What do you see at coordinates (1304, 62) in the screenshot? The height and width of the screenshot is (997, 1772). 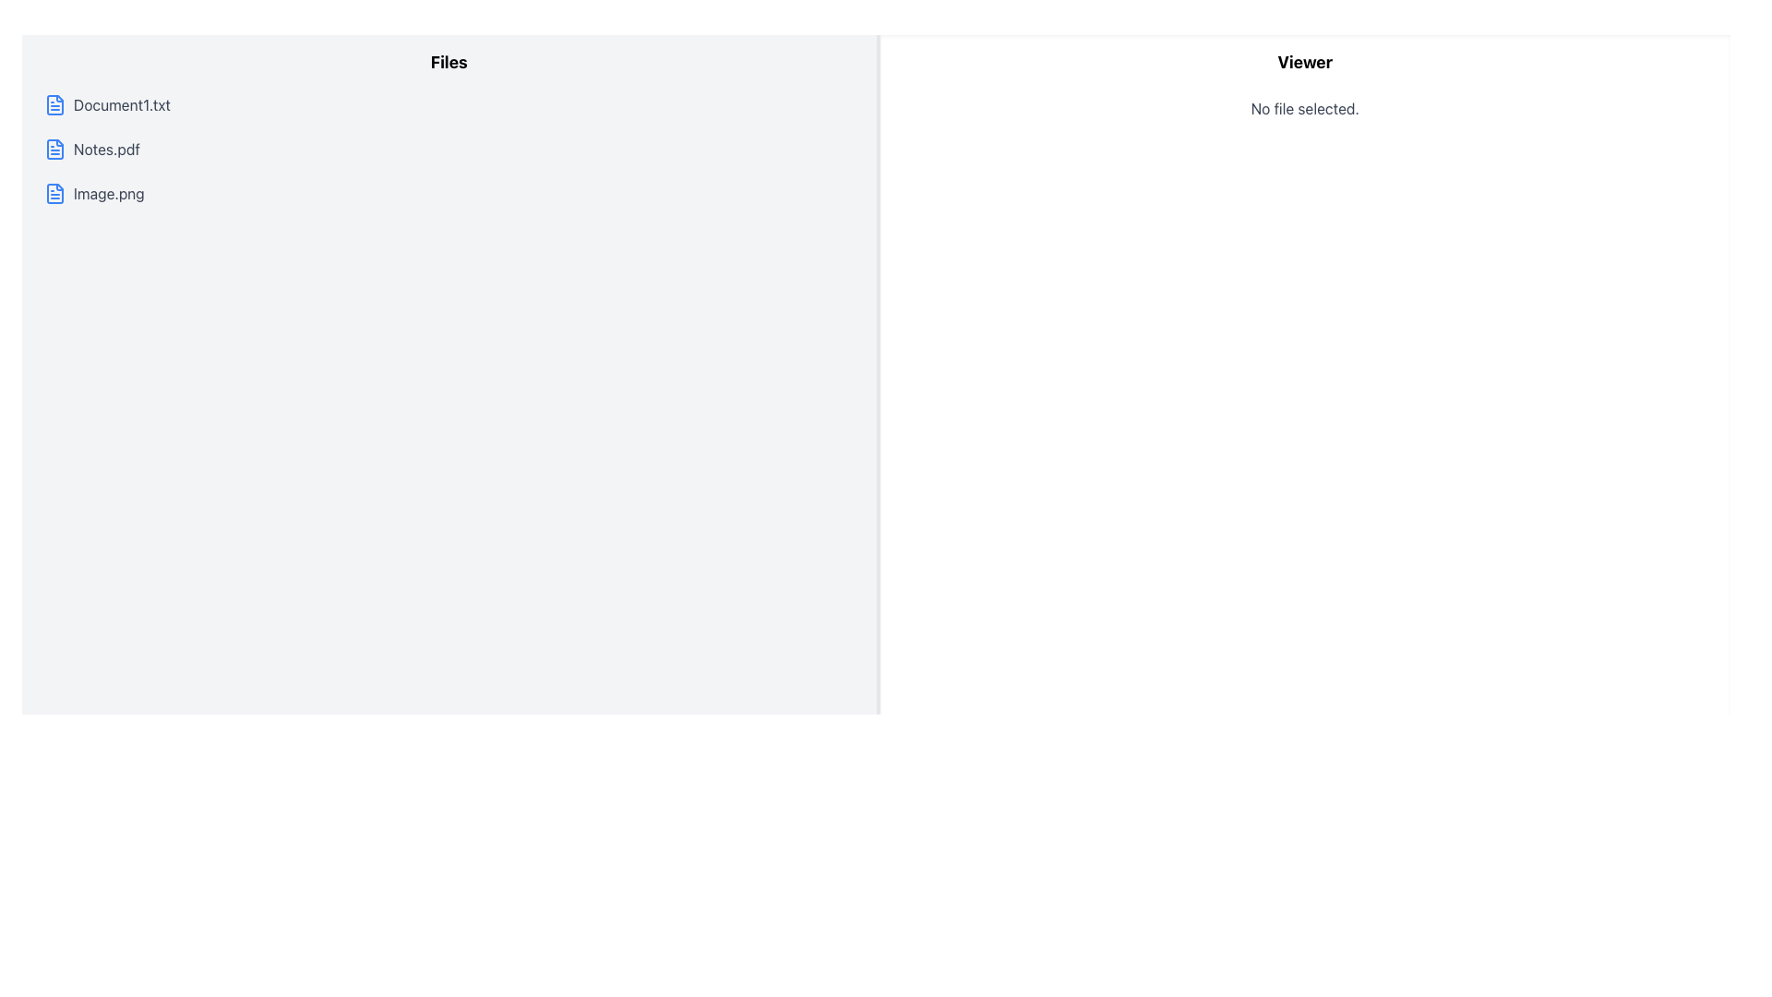 I see `the bold and stylized heading text 'Viewer' located at the top of the right-hand white panel in the split layout interface` at bounding box center [1304, 62].